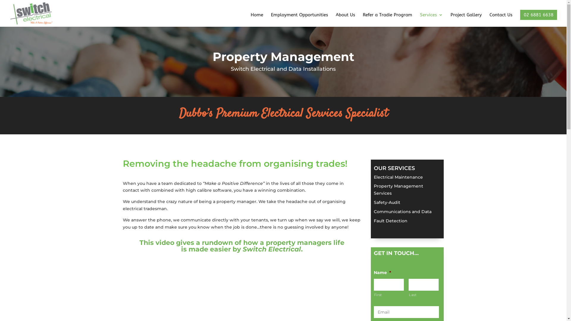 This screenshot has width=571, height=321. Describe the element at coordinates (398, 177) in the screenshot. I see `'Electrical Maintenance'` at that location.